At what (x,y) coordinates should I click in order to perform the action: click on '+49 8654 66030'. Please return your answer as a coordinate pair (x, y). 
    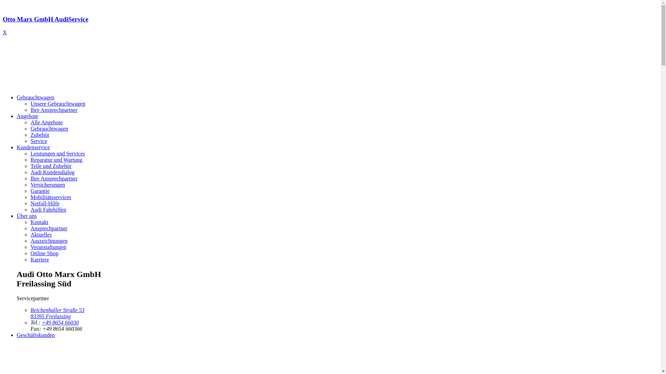
    Looking at the image, I should click on (60, 322).